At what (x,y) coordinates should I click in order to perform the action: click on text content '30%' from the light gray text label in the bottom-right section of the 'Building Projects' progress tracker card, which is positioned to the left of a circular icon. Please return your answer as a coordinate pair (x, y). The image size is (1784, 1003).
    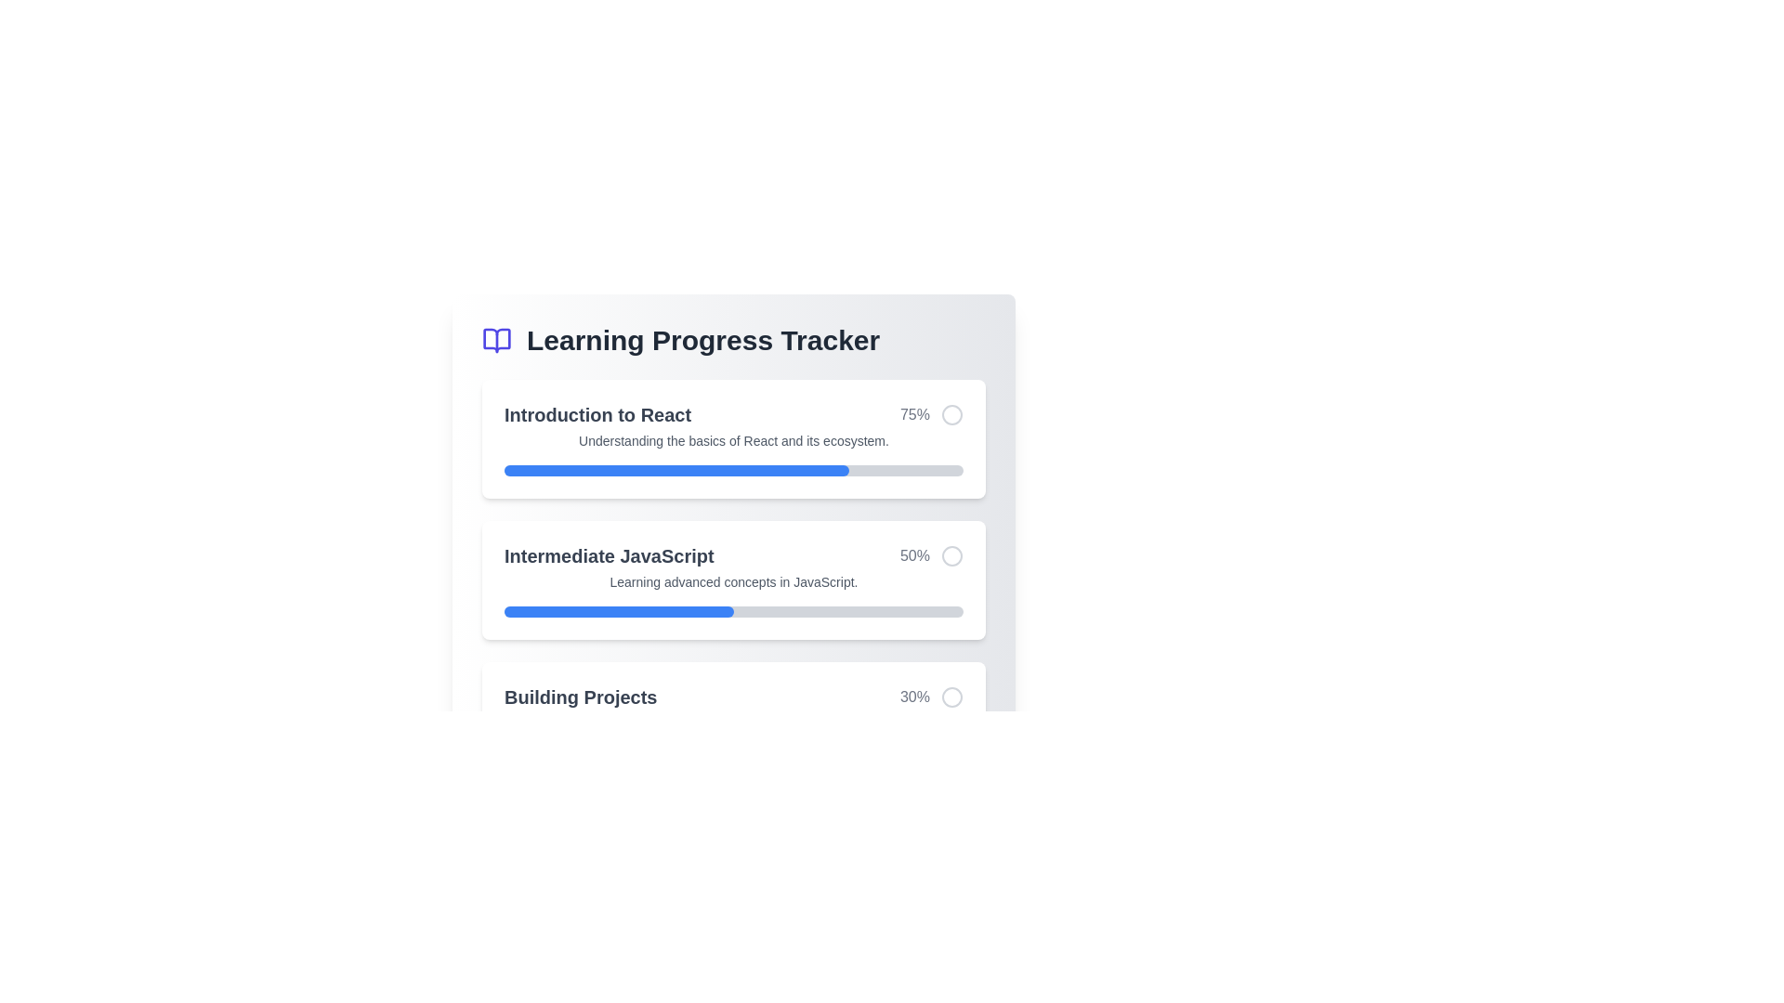
    Looking at the image, I should click on (914, 697).